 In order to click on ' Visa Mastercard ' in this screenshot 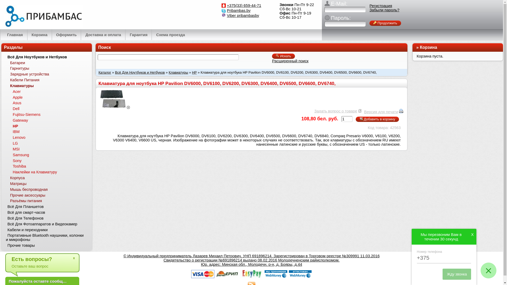, I will do `click(203, 274)`.